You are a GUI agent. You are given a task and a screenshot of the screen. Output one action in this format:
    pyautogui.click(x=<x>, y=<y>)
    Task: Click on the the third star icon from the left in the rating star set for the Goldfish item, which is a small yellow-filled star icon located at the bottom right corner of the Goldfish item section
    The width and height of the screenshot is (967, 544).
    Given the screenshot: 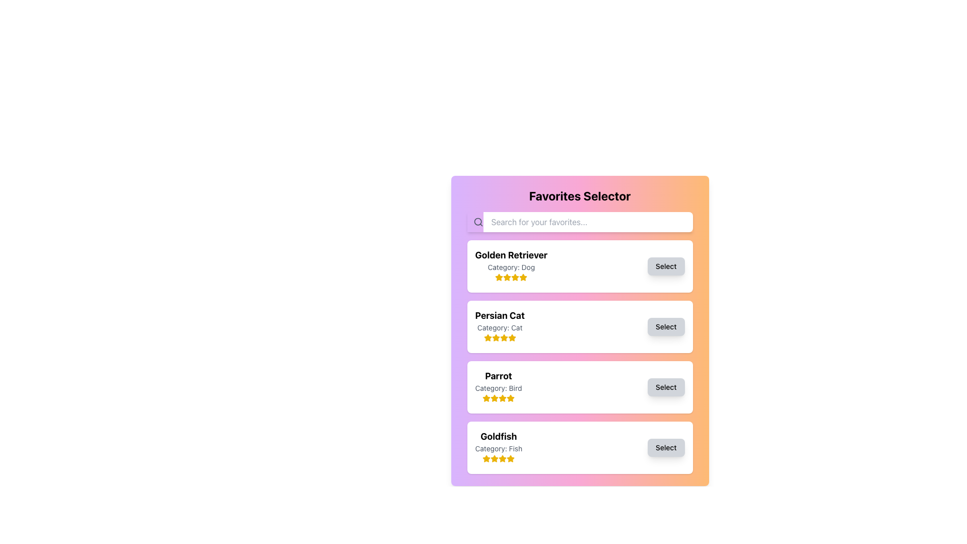 What is the action you would take?
    pyautogui.click(x=495, y=458)
    